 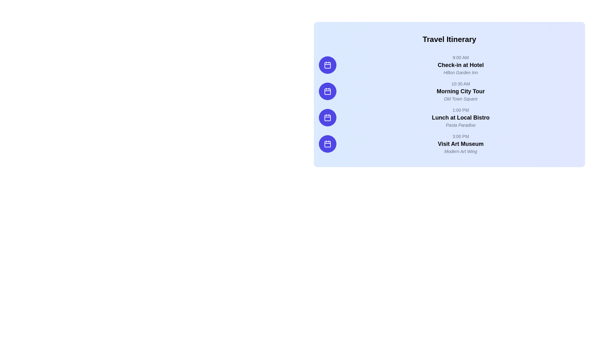 What do you see at coordinates (461, 91) in the screenshot?
I see `the text block that displays details of a scheduled event, located in the middle of the itinerary list, specifically the second event below 'Check-in at Hotel' and above 'Lunch at Local Bistro'` at bounding box center [461, 91].